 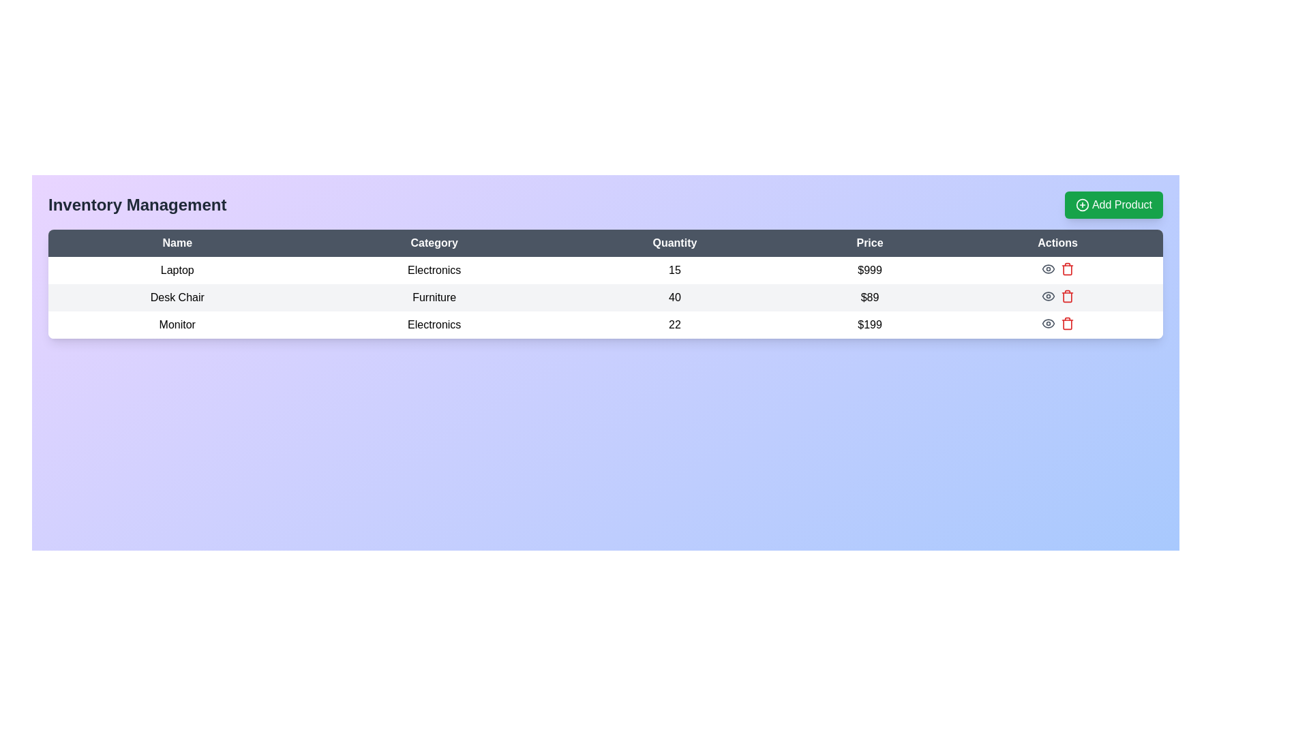 I want to click on the text displaying the quantity of 'Desk Chair' in the inventory management table, located in the third column of the second row under the 'Quantity' header, so click(x=674, y=296).